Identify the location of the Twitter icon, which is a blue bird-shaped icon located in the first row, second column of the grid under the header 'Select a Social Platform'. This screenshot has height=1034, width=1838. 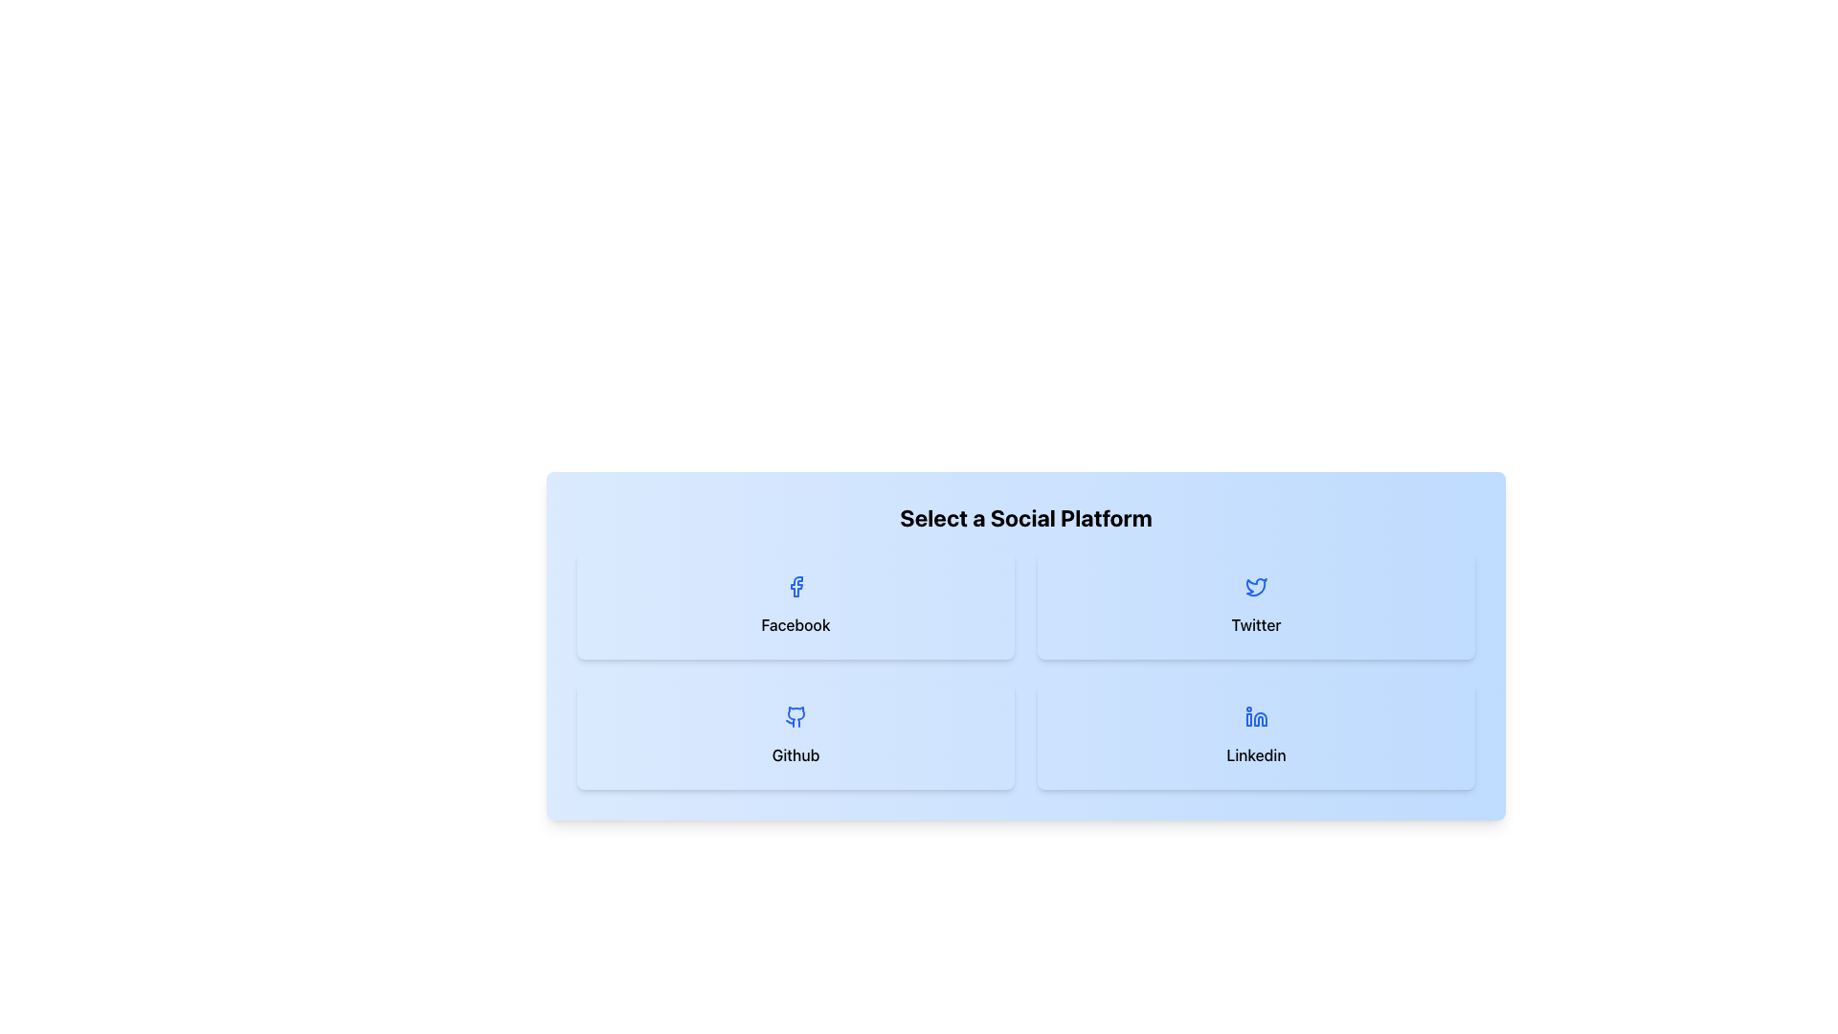
(1256, 586).